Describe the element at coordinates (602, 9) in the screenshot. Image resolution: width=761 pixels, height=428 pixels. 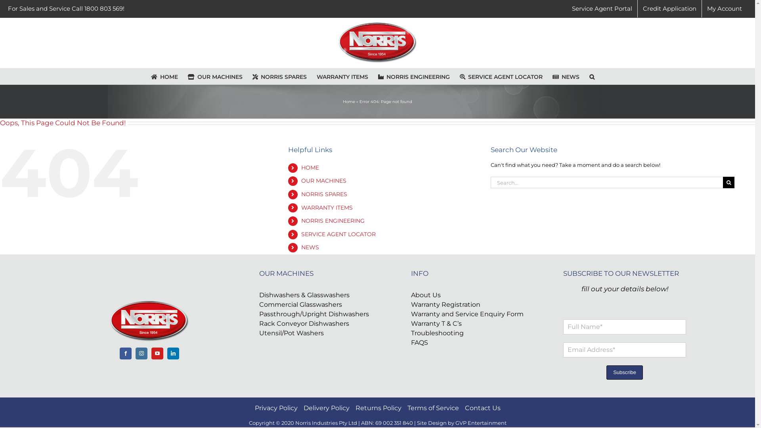
I see `'Service Agent Portal'` at that location.